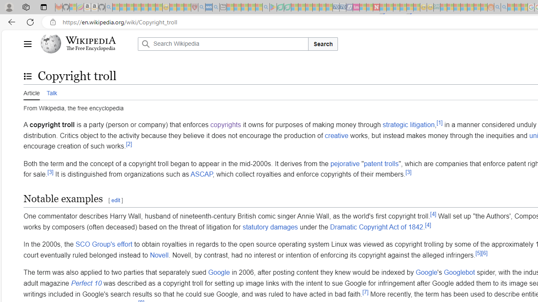  I want to click on 'Jobs - lastminute.com Investor Portal - Sleeping', so click(356, 7).